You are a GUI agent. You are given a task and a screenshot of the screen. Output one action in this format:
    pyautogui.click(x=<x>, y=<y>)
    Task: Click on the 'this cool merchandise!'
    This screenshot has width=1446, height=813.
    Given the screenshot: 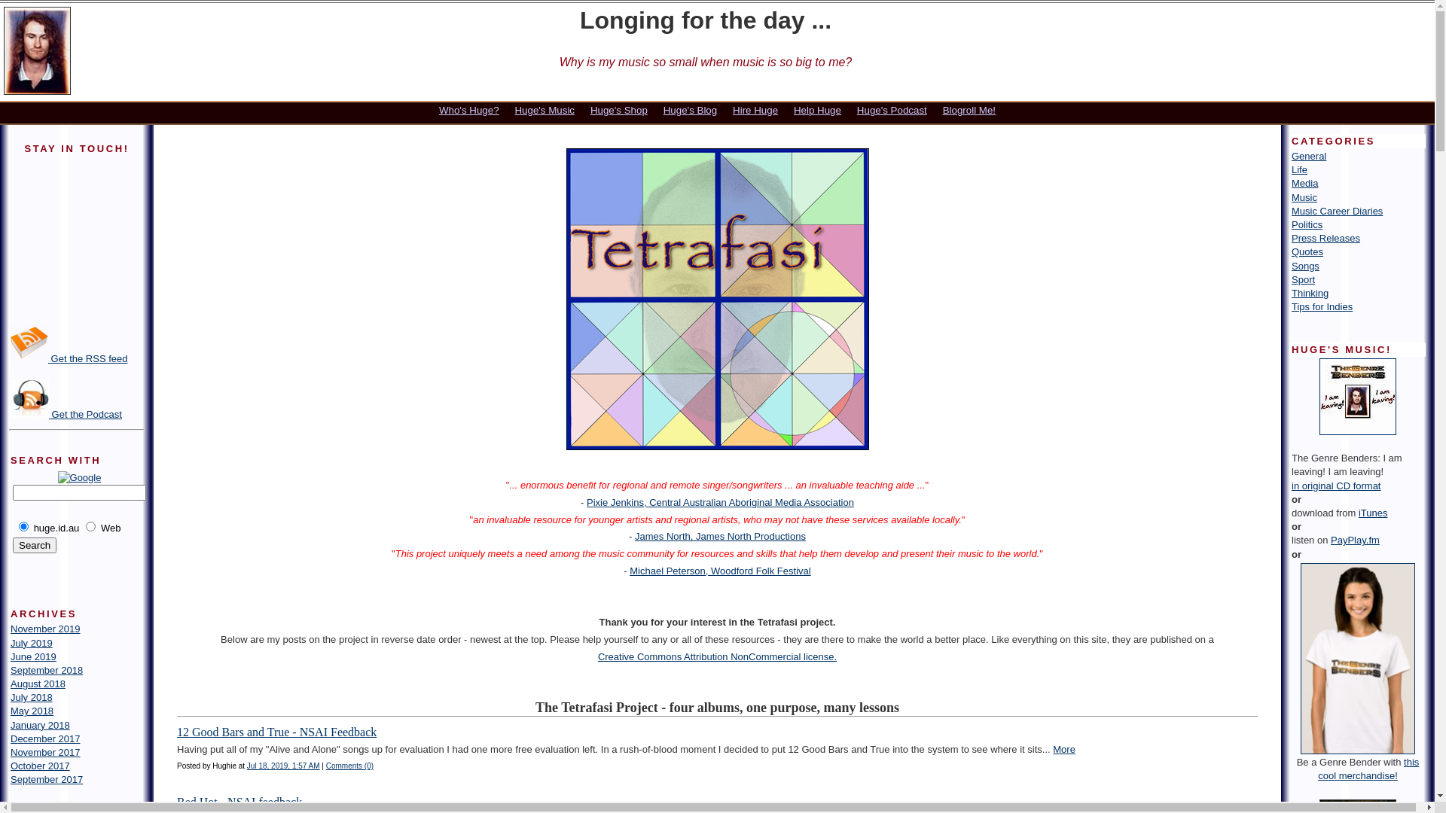 What is the action you would take?
    pyautogui.click(x=1368, y=769)
    